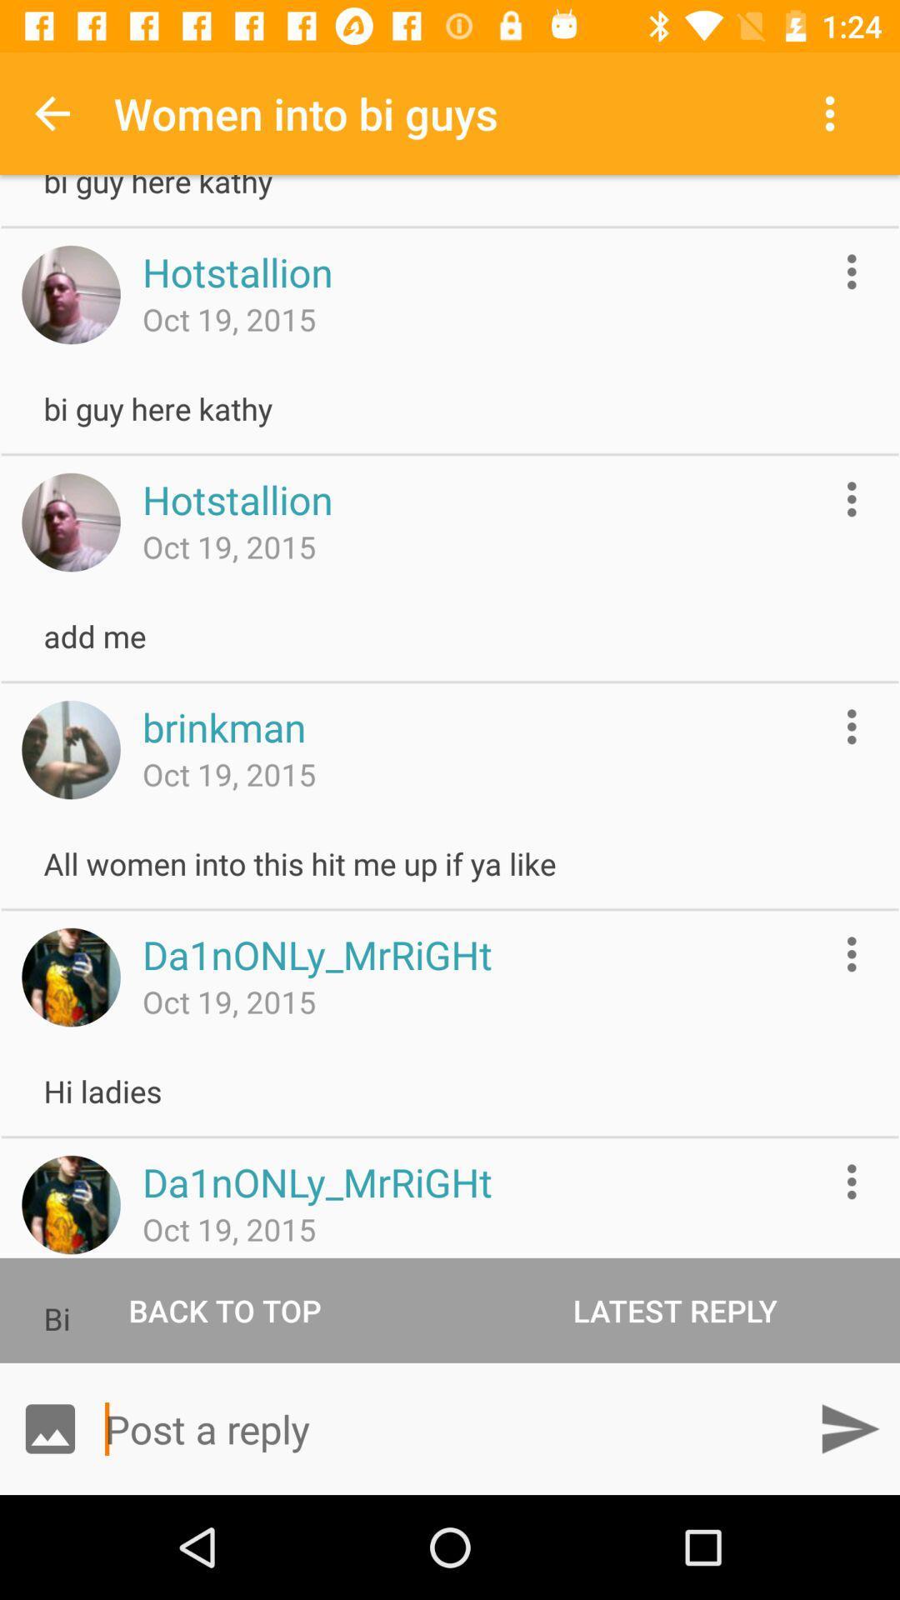  I want to click on open an user profile, so click(70, 295).